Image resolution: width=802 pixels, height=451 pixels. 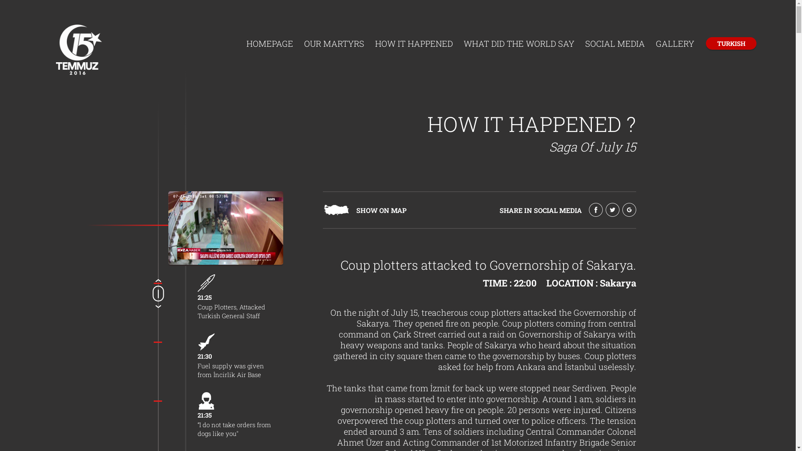 What do you see at coordinates (270, 44) in the screenshot?
I see `'HOMEPAGE'` at bounding box center [270, 44].